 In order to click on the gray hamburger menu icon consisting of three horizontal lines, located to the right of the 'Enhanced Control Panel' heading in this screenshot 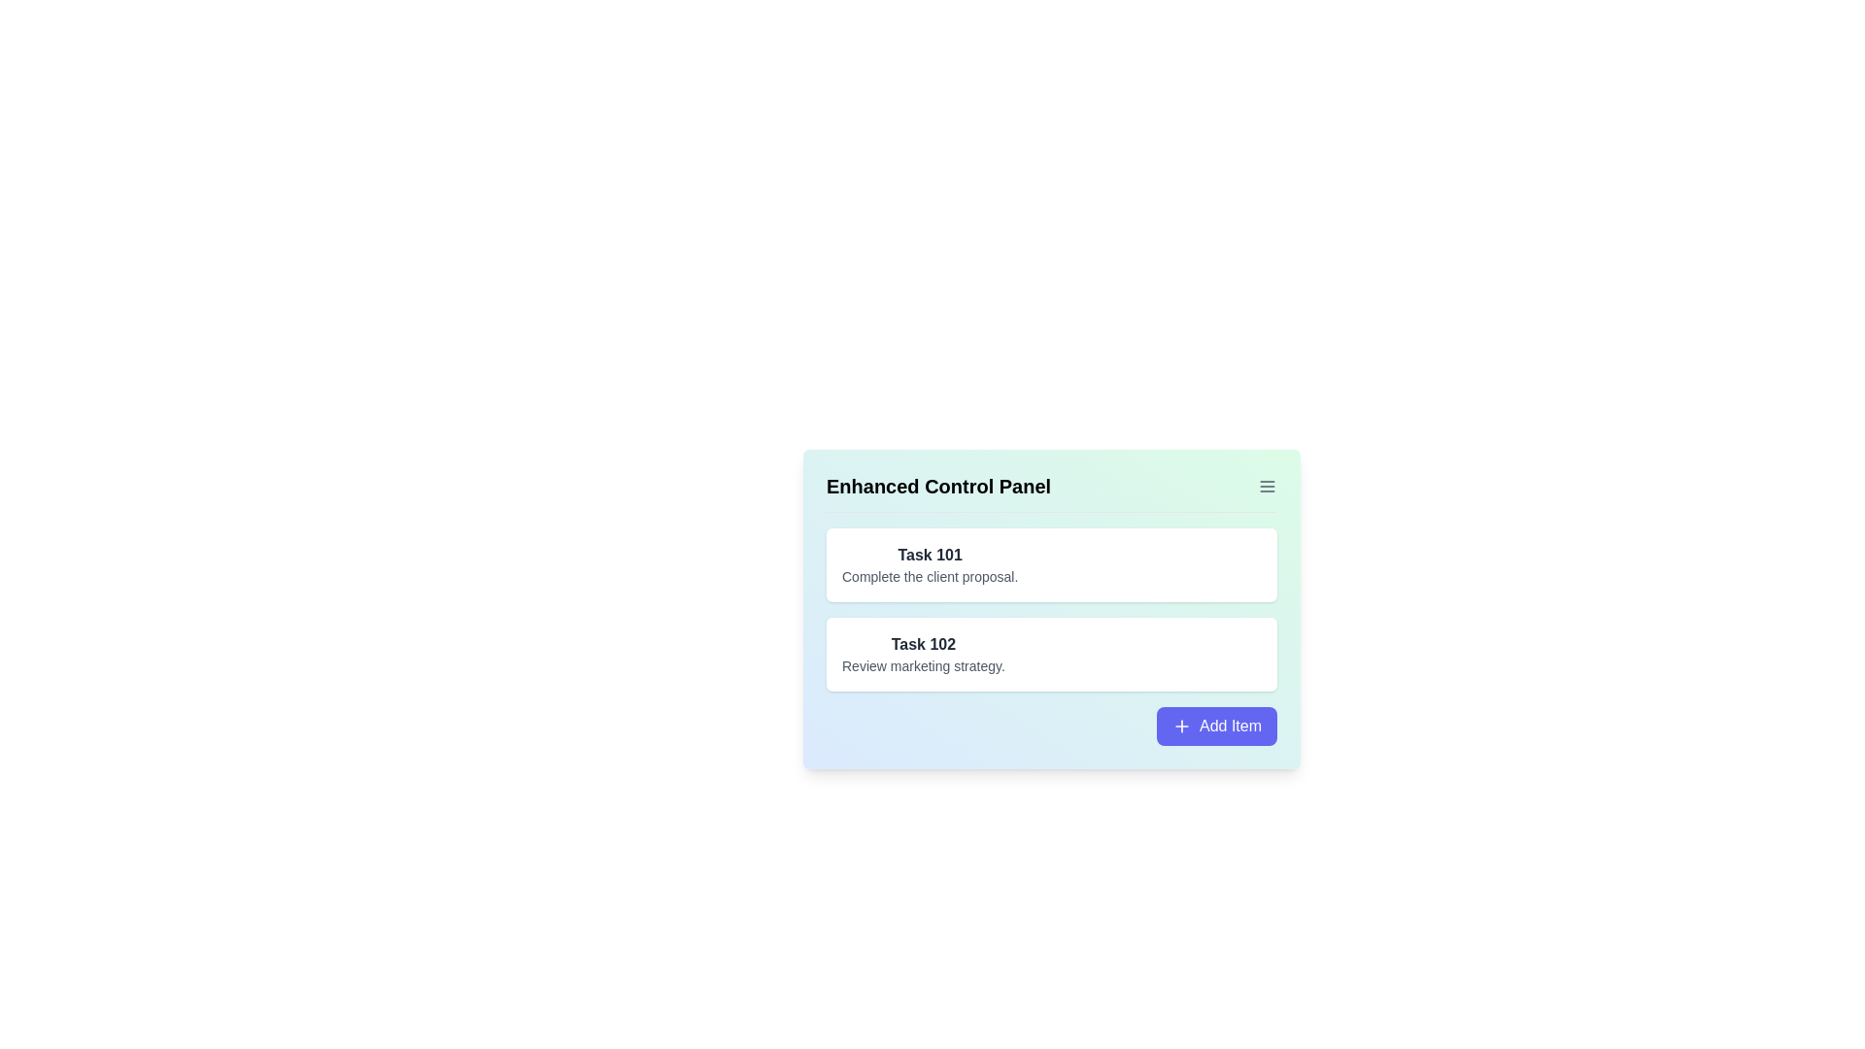, I will do `click(1268, 486)`.